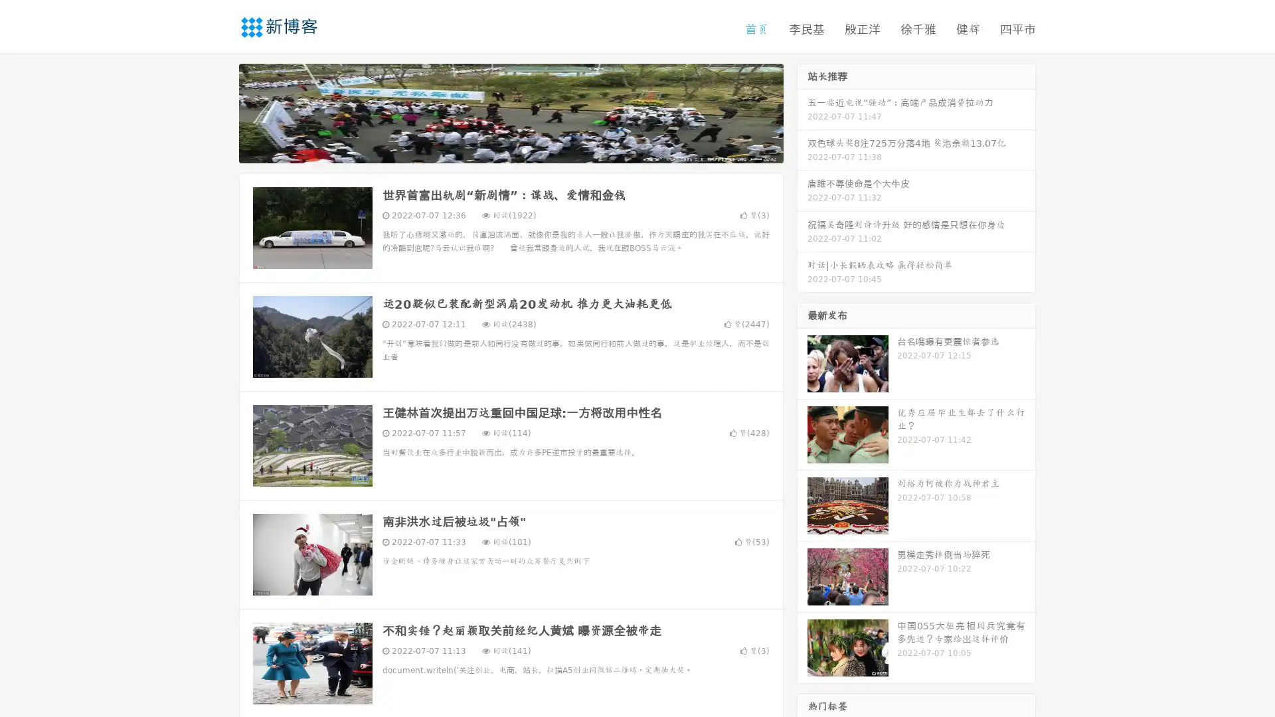  Describe the element at coordinates (524, 149) in the screenshot. I see `Go to slide 3` at that location.